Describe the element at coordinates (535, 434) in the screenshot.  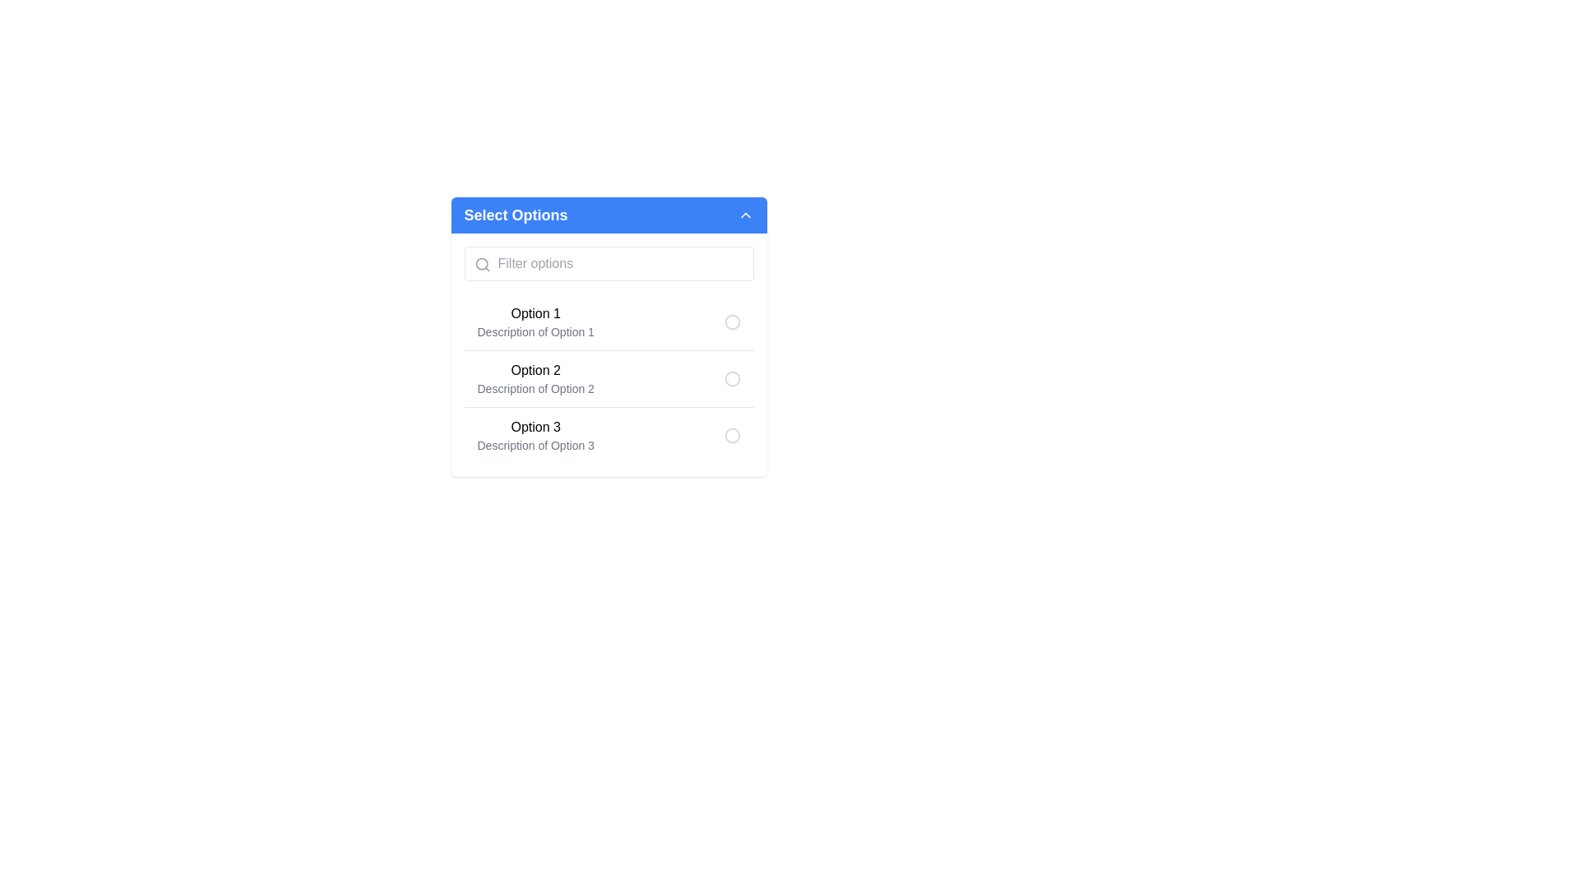
I see `the third option in the dropdown menu labeled 'Select Options'` at that location.